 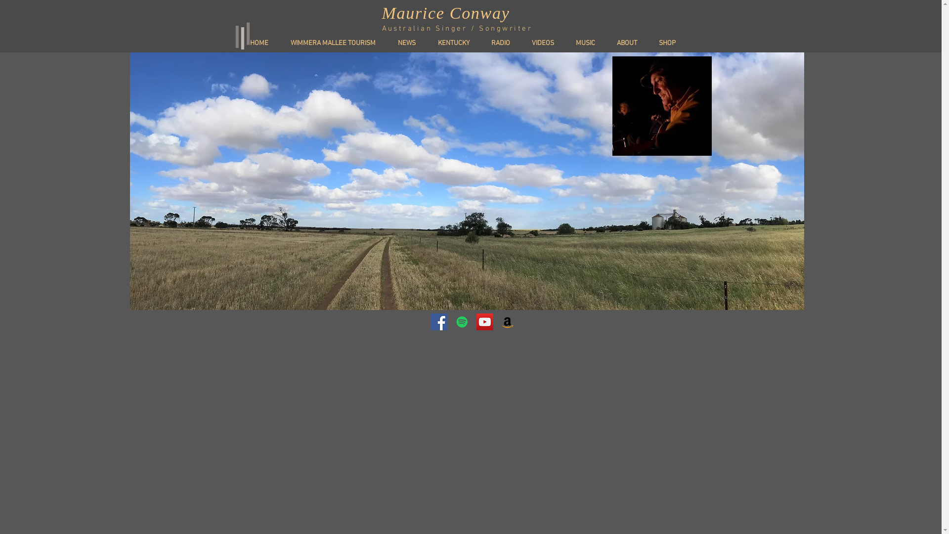 What do you see at coordinates (337, 43) in the screenshot?
I see `'WIMMERA MALLEE TOURISM'` at bounding box center [337, 43].